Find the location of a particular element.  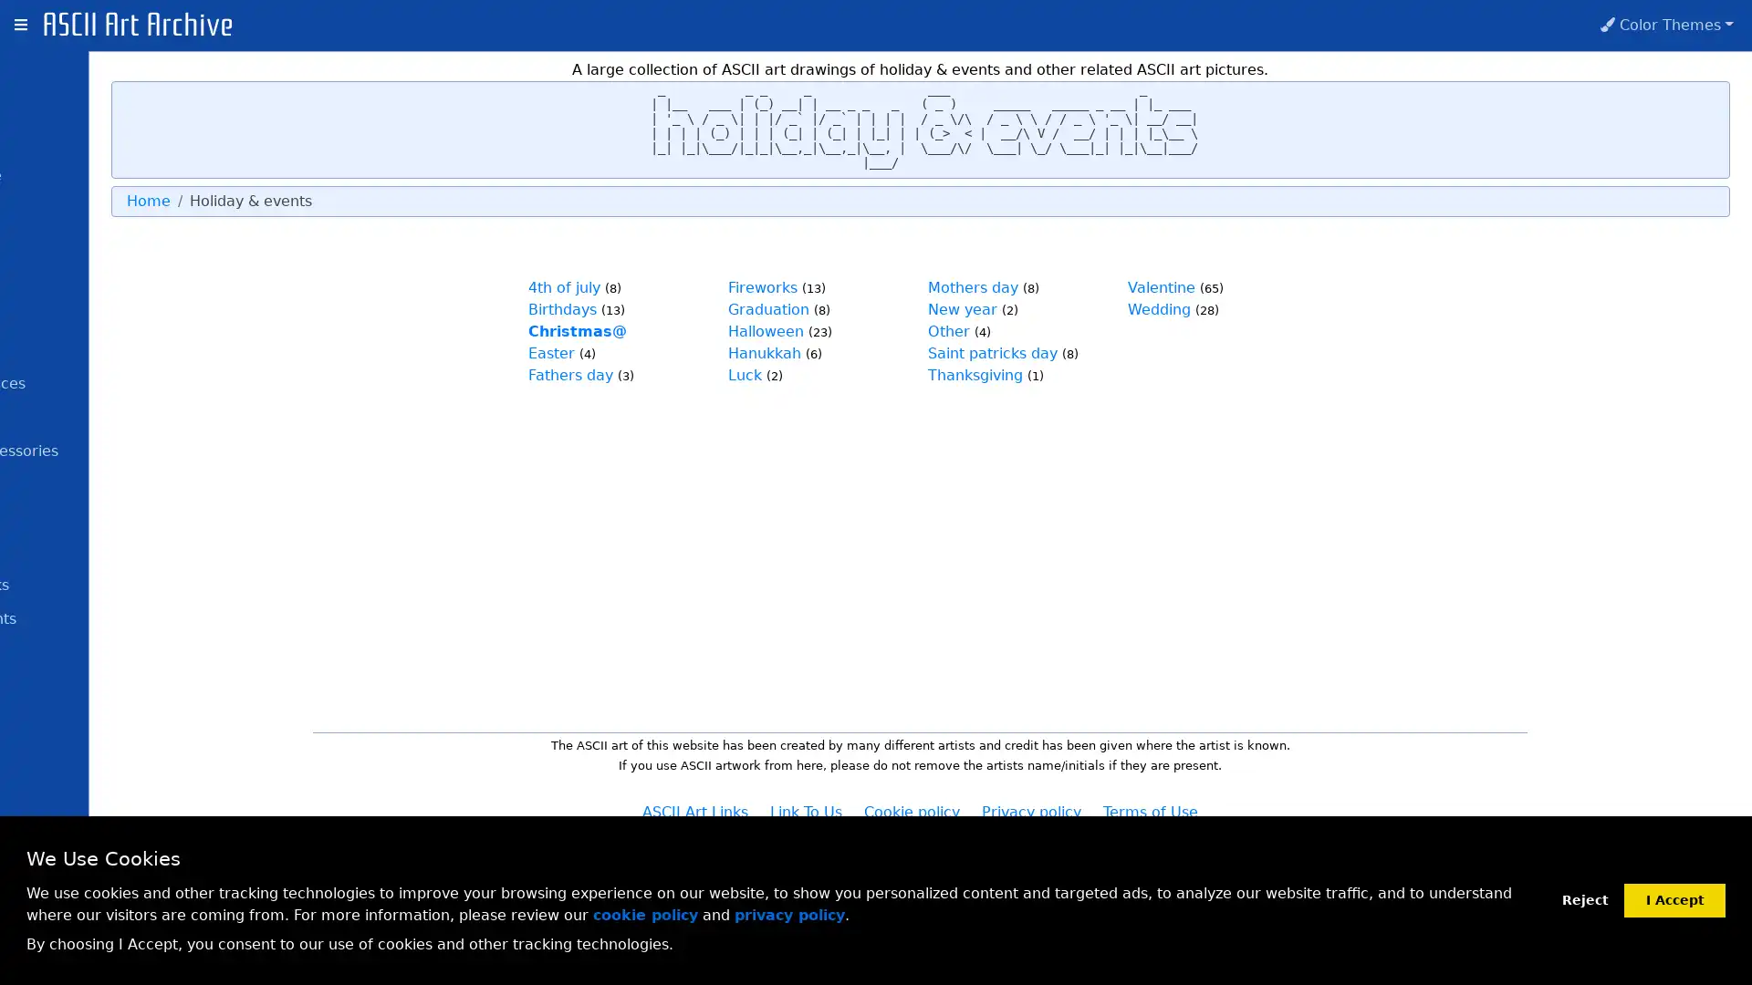

I Accept is located at coordinates (1674, 898).